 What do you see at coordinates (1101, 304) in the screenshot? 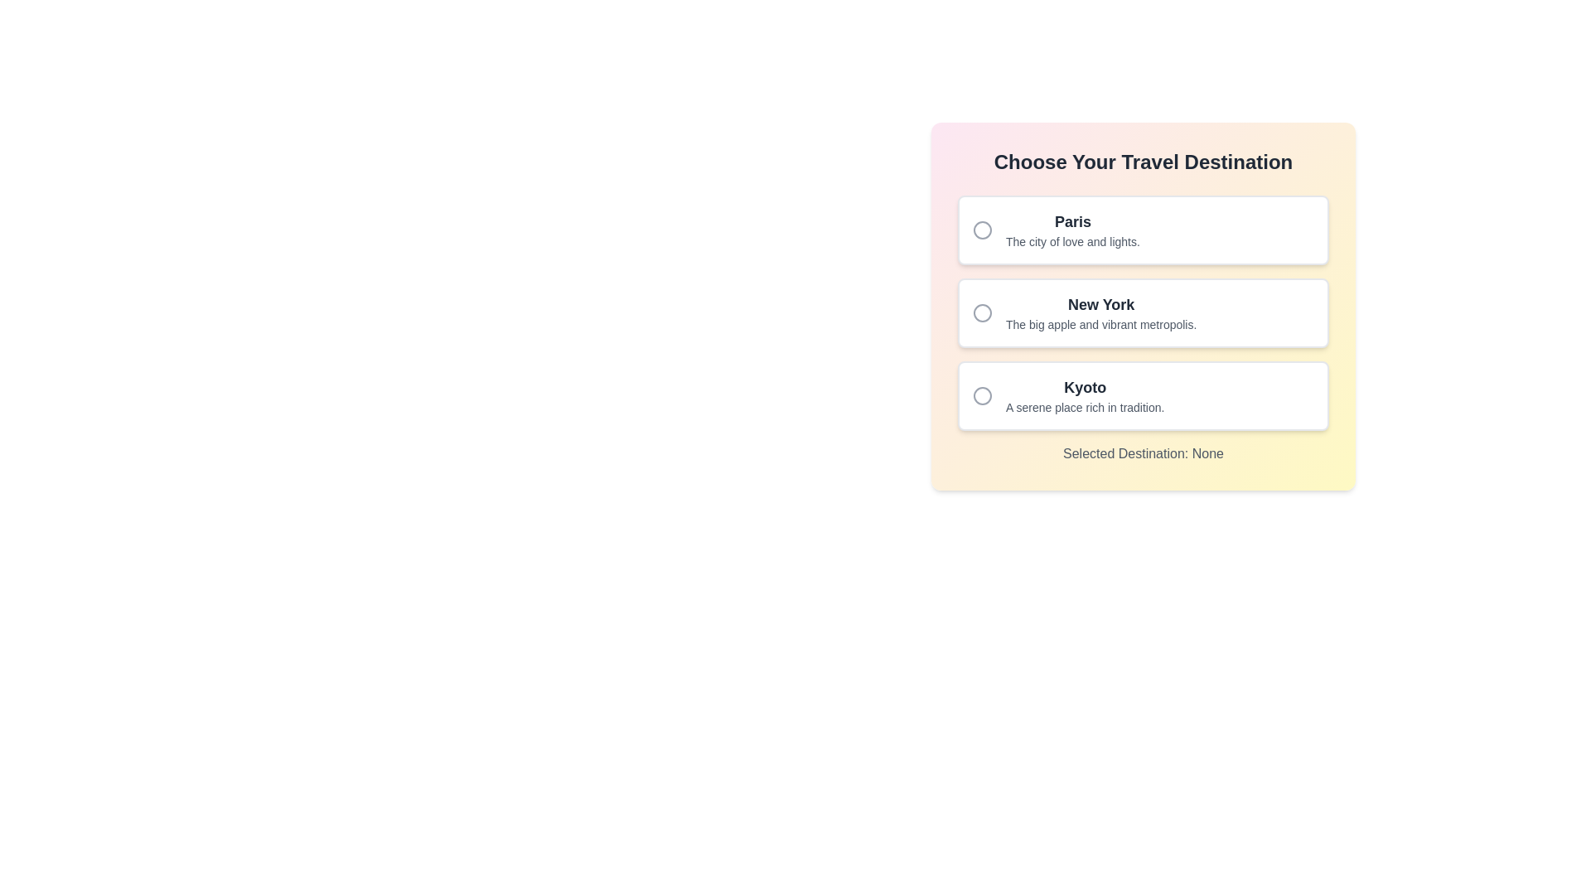
I see `the text label identifying 'New York'` at bounding box center [1101, 304].